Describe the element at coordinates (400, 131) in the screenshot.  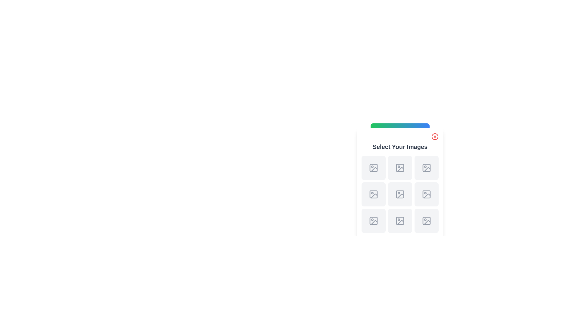
I see `the gradient decorative header bar located at the top of the modal, which spans horizontally above the grid of image placeholders` at that location.